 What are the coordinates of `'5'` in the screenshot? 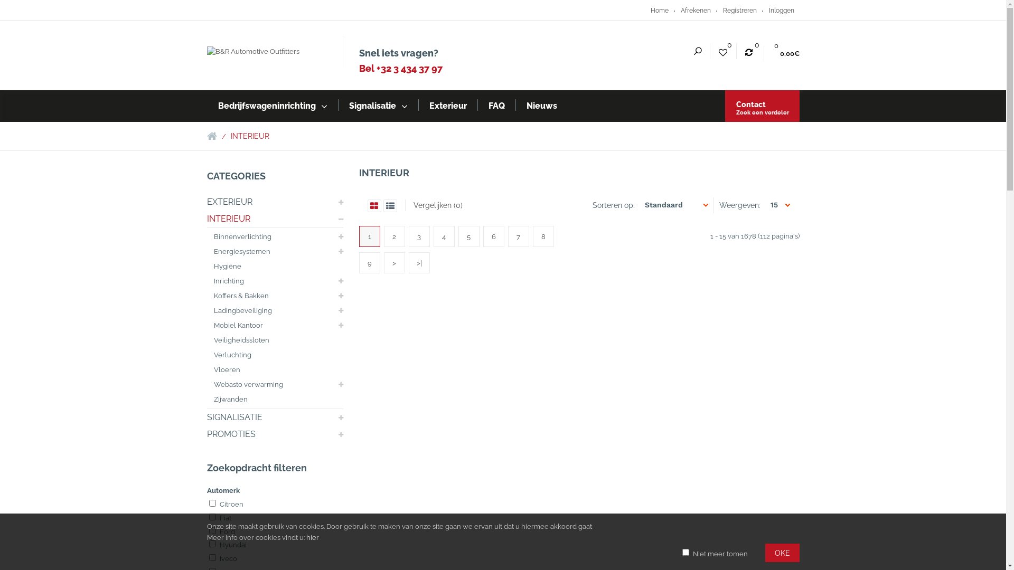 It's located at (468, 235).